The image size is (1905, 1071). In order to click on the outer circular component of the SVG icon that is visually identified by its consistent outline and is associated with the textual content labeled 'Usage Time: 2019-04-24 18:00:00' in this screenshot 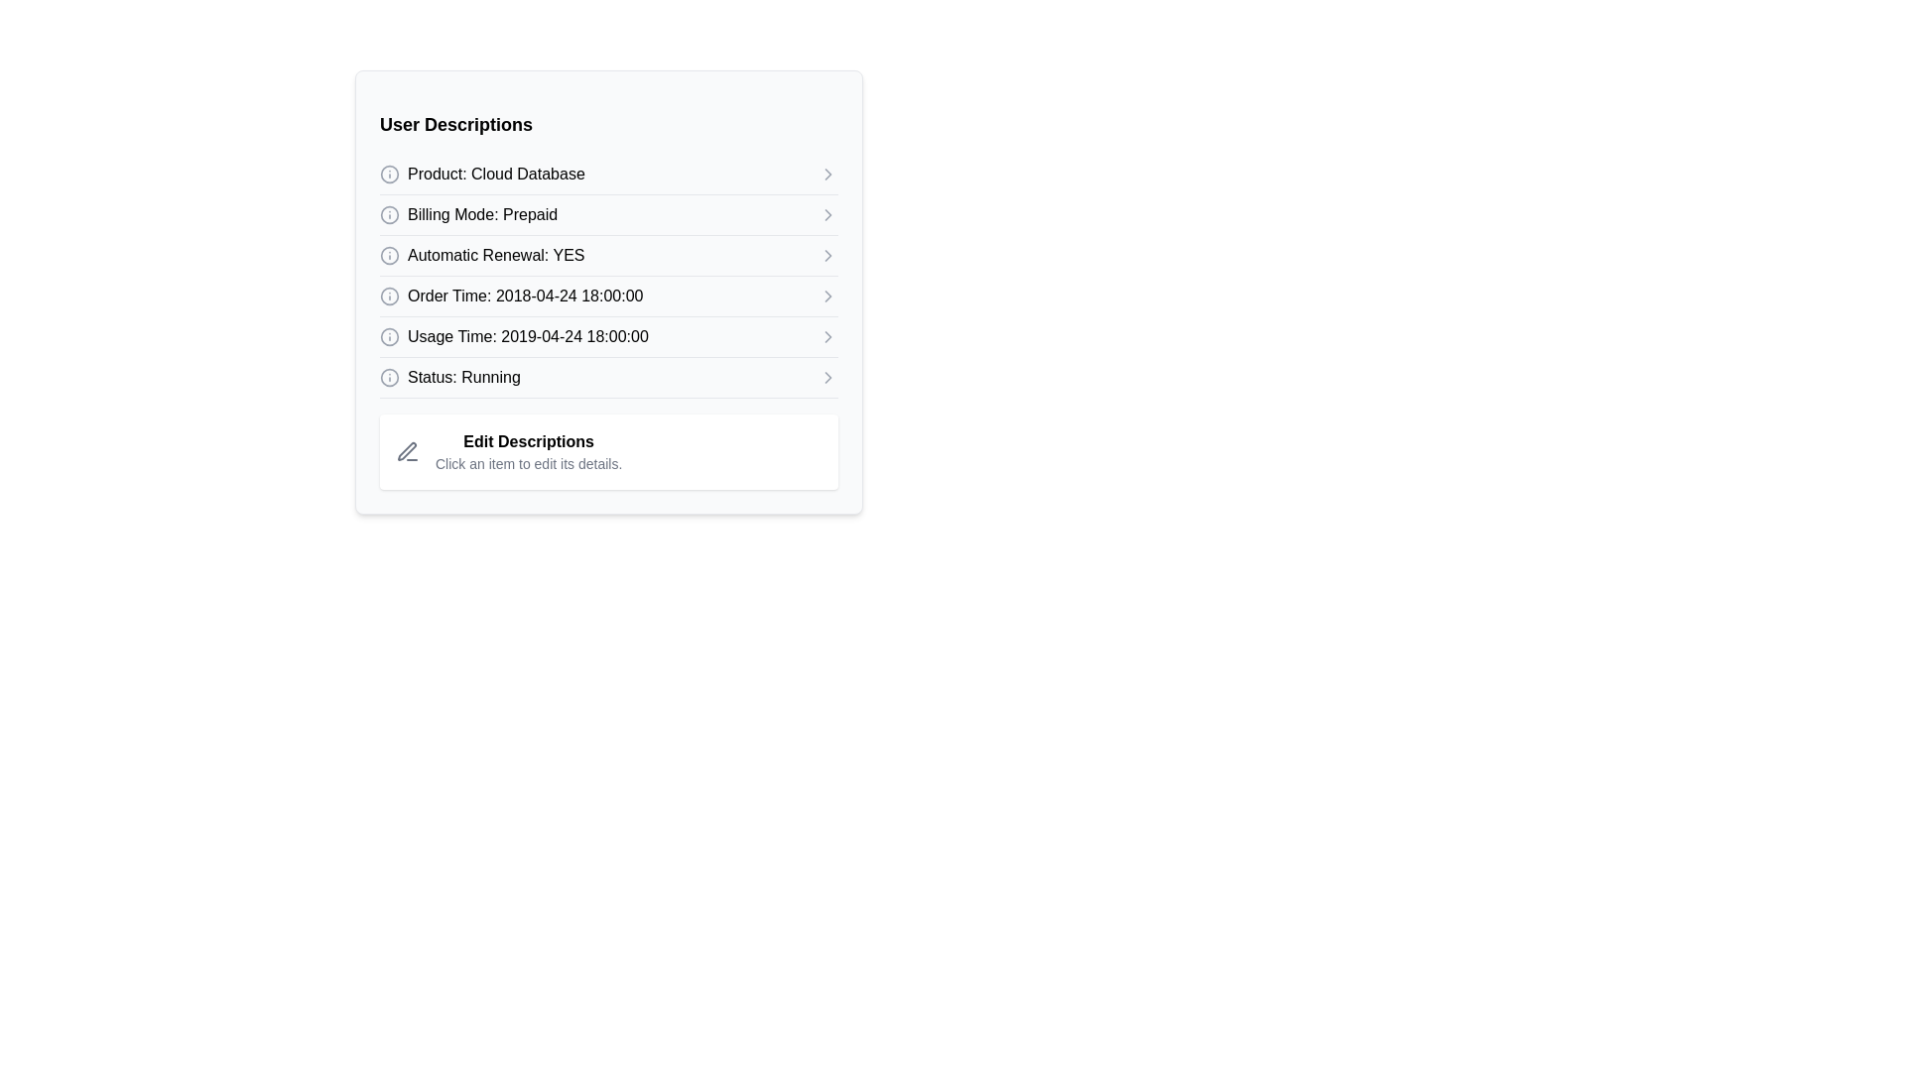, I will do `click(390, 335)`.